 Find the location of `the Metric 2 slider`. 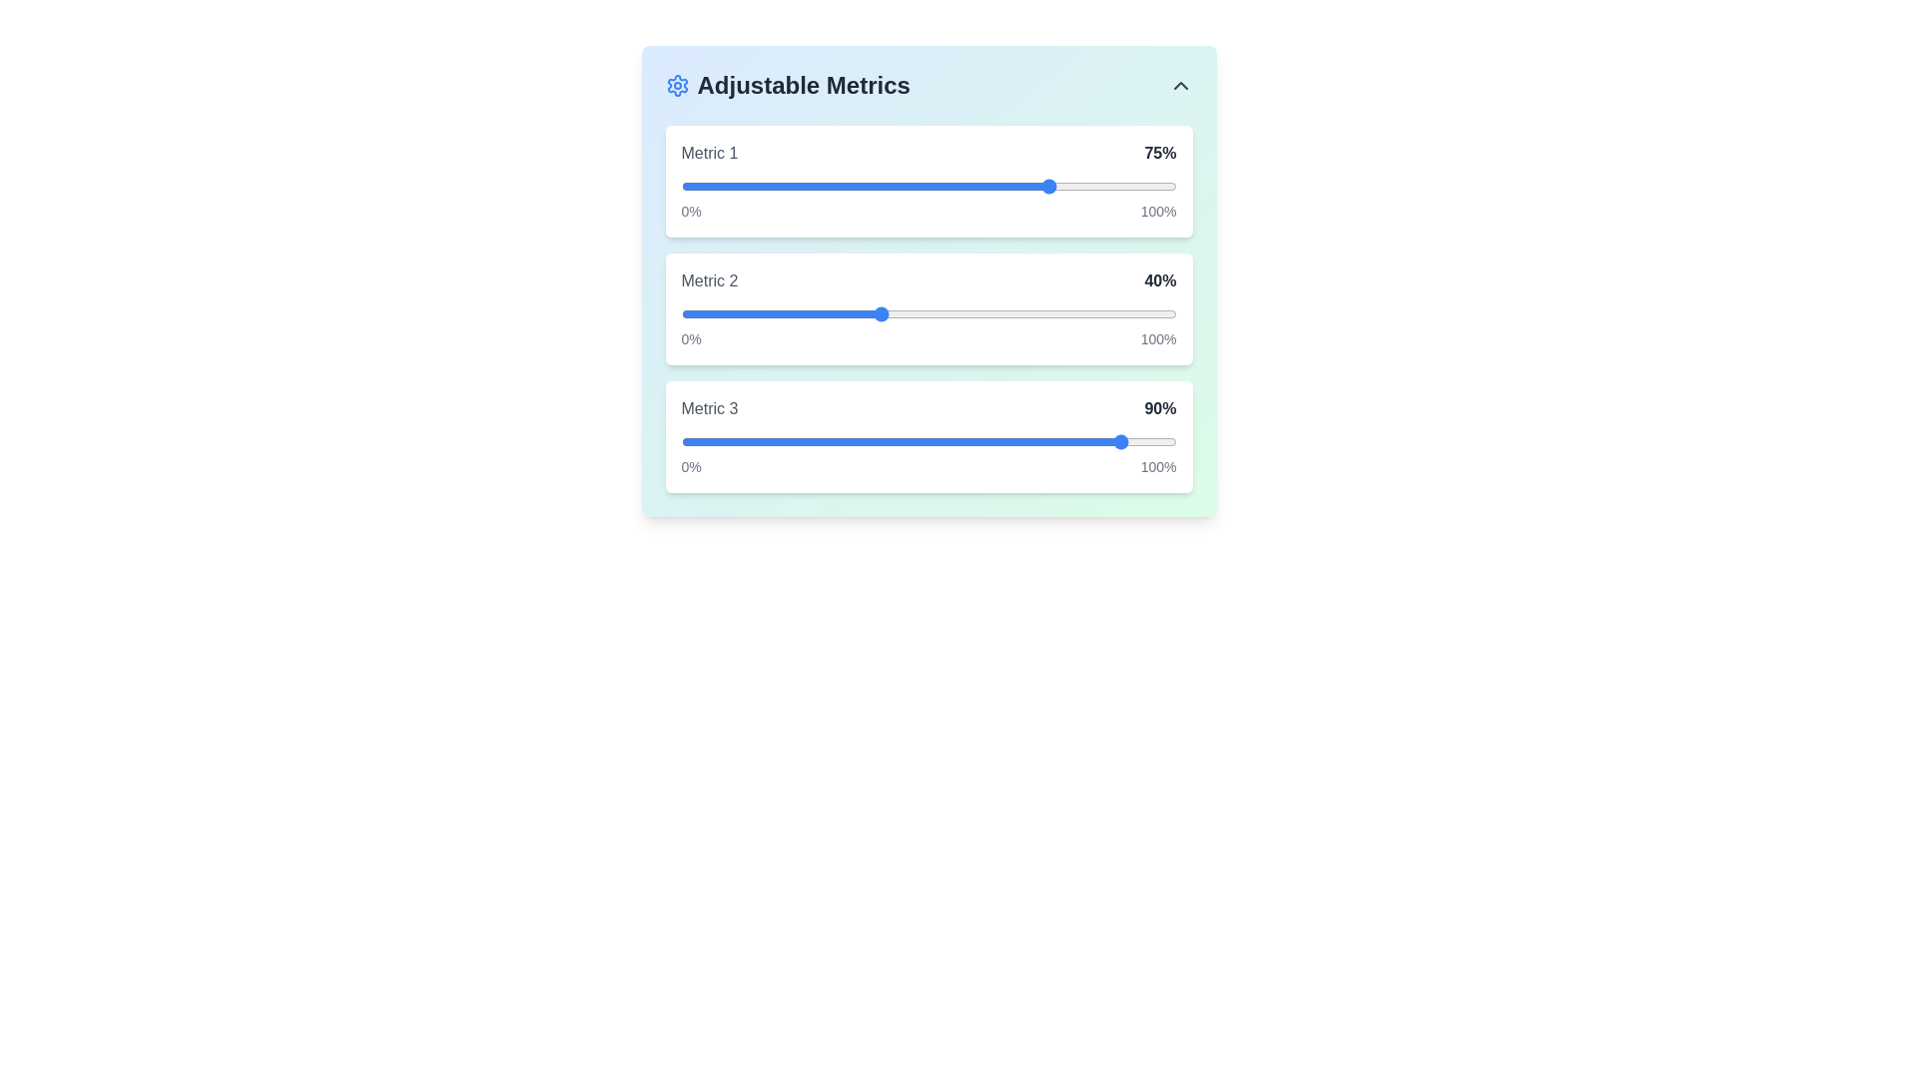

the Metric 2 slider is located at coordinates (764, 314).